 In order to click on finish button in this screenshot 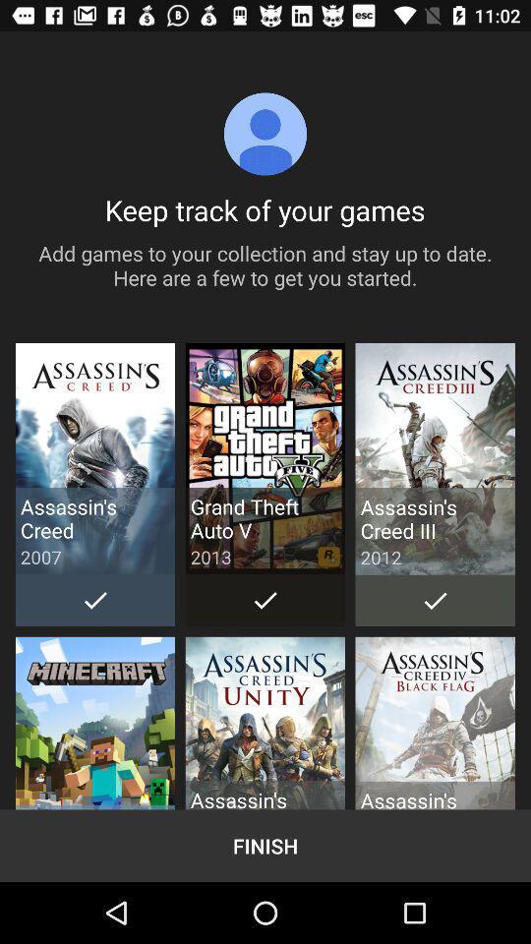, I will do `click(265, 845)`.